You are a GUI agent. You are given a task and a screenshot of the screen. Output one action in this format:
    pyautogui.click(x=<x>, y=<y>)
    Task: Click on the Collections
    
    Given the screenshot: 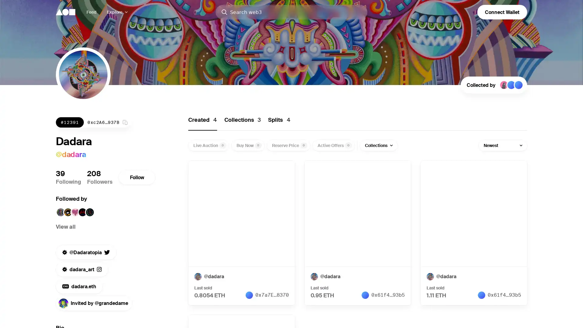 What is the action you would take?
    pyautogui.click(x=378, y=145)
    